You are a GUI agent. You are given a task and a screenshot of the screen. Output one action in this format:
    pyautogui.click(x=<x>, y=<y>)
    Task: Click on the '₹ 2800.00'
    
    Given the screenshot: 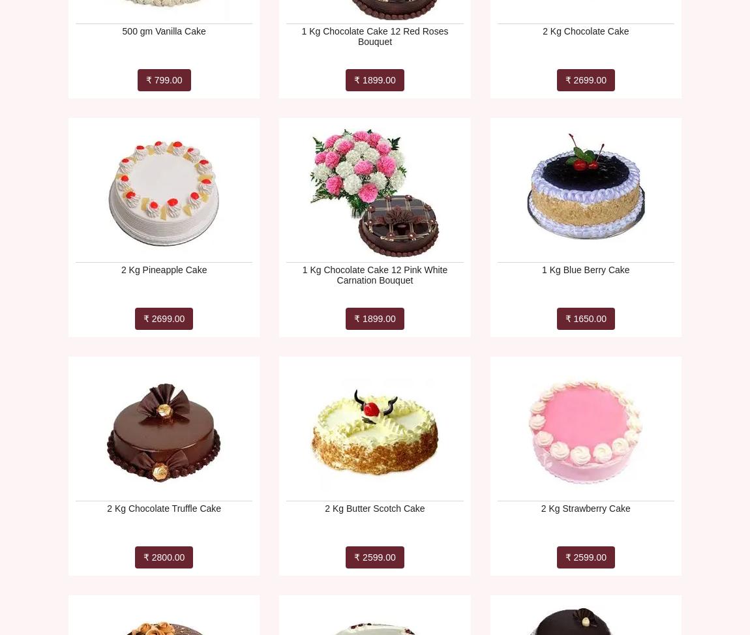 What is the action you would take?
    pyautogui.click(x=142, y=557)
    